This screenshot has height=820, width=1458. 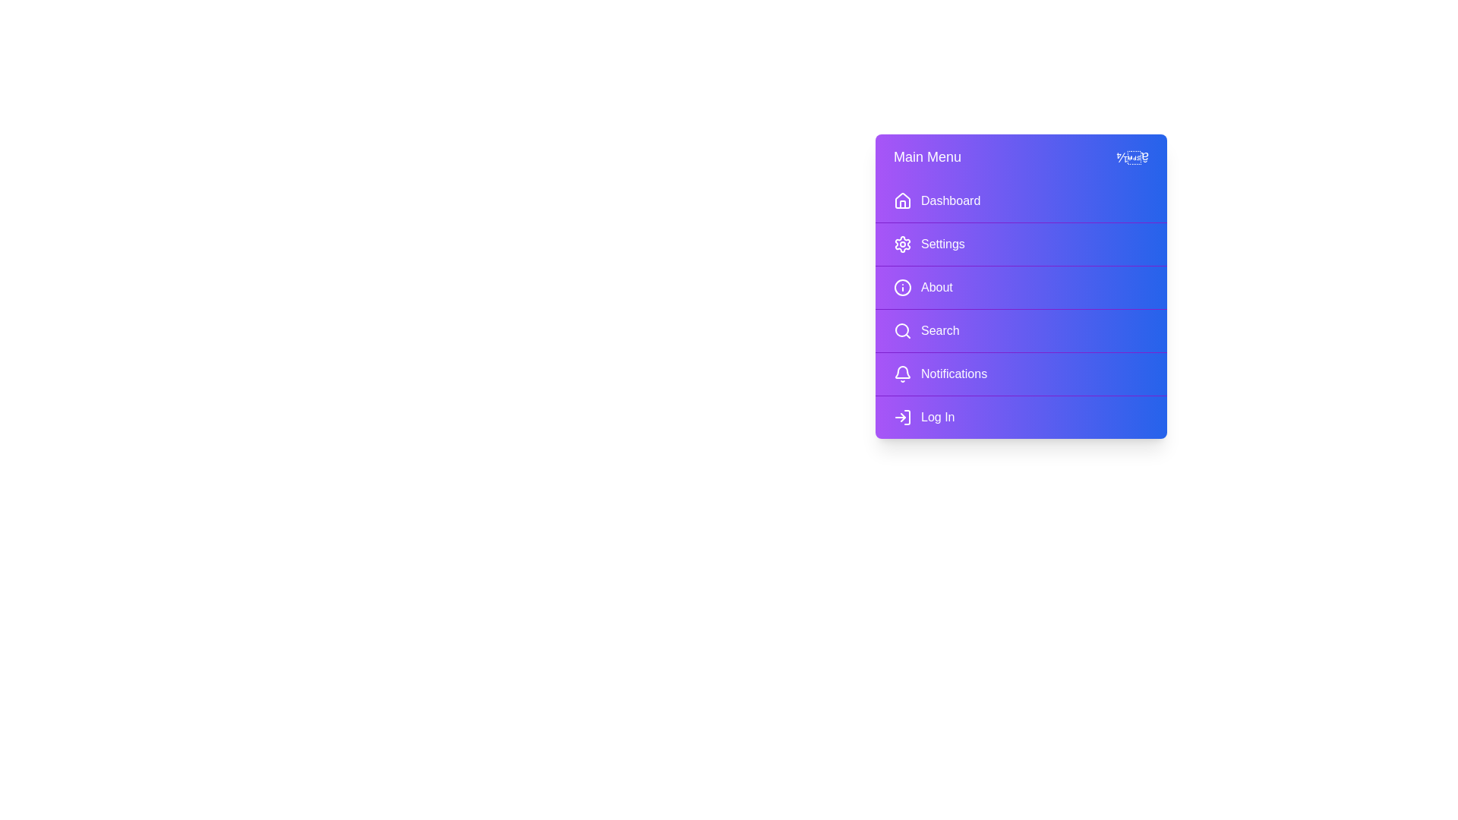 I want to click on the menu item Dashboard to highlight it, so click(x=1021, y=200).